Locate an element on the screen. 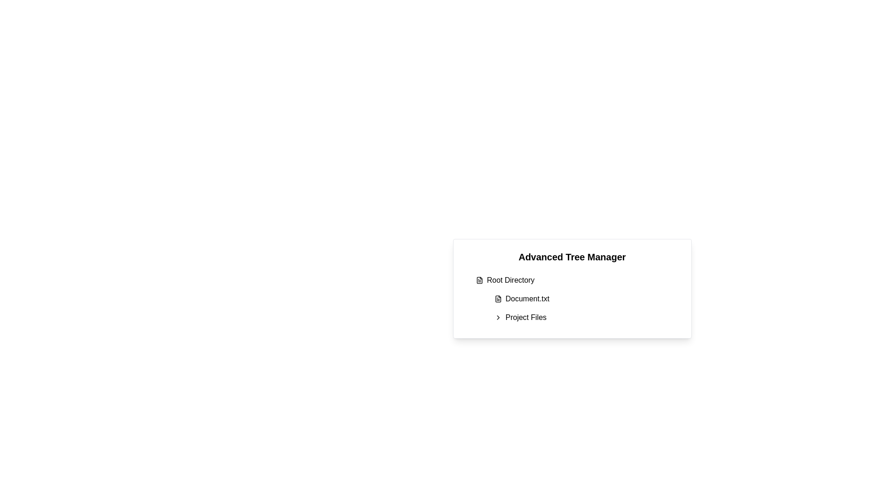  the 'Root Directory' icon located at the top-left corner of the 'Root Directory' section, adjacent to the 'Root Directory' label for visual cues is located at coordinates (479, 279).